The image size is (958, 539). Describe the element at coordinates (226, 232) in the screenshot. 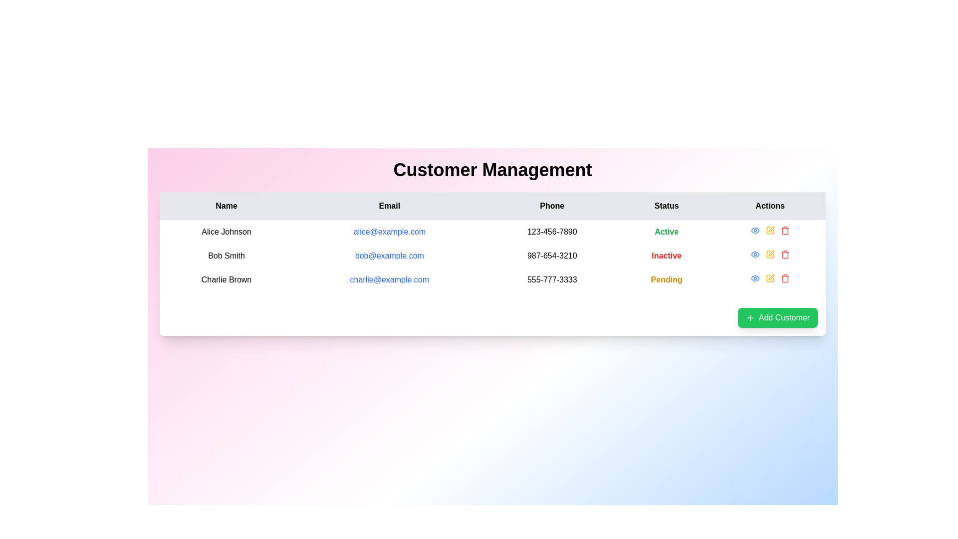

I see `the text label displaying 'Alice Johnson', which is located in the first row of the table under the 'Name' column` at that location.